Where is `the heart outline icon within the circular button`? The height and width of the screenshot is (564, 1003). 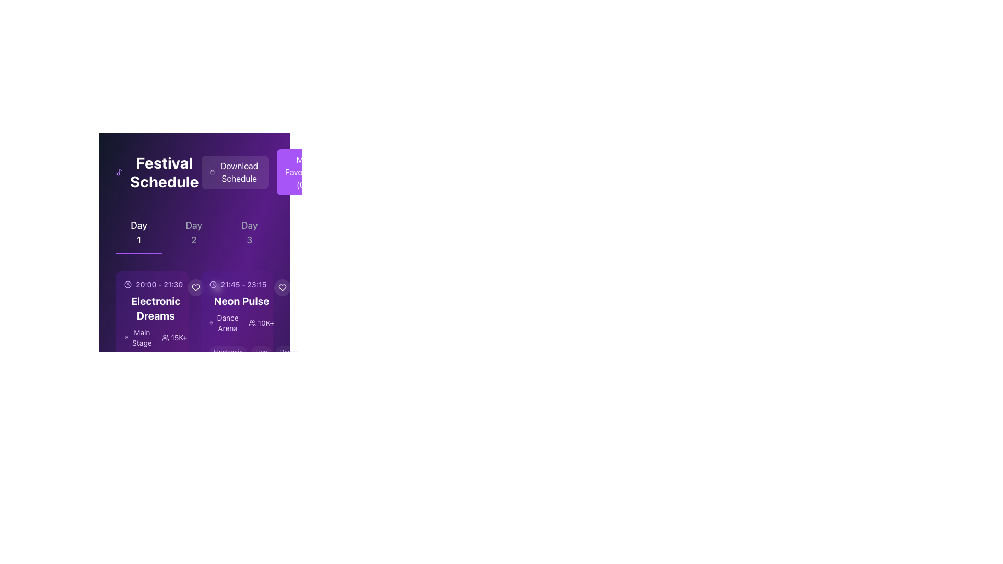
the heart outline icon within the circular button is located at coordinates (195, 288).